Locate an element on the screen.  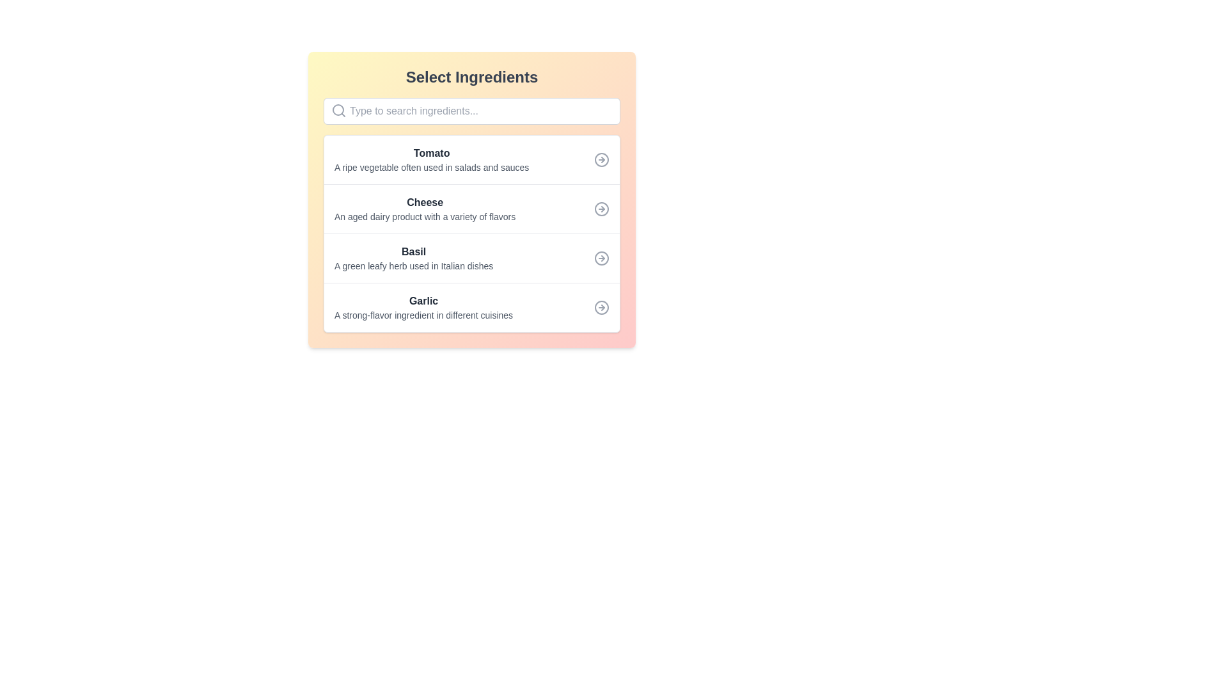
the list item displaying information about 'Cheese', which is located between 'Tomato' and 'Basil' in the 'Select Ingredients' panel is located at coordinates (425, 209).